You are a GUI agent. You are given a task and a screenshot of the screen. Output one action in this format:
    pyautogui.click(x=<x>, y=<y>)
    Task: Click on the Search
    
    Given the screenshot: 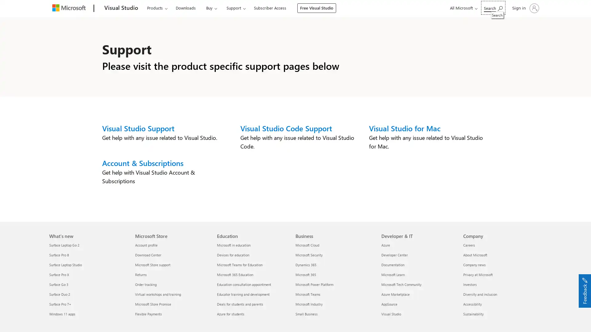 What is the action you would take?
    pyautogui.click(x=493, y=8)
    